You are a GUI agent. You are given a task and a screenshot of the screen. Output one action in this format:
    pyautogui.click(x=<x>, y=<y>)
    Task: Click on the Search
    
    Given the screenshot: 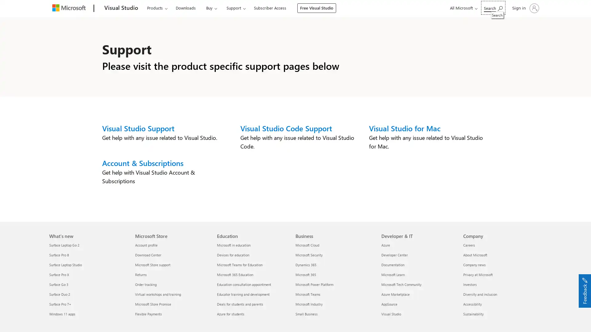 What is the action you would take?
    pyautogui.click(x=493, y=8)
    